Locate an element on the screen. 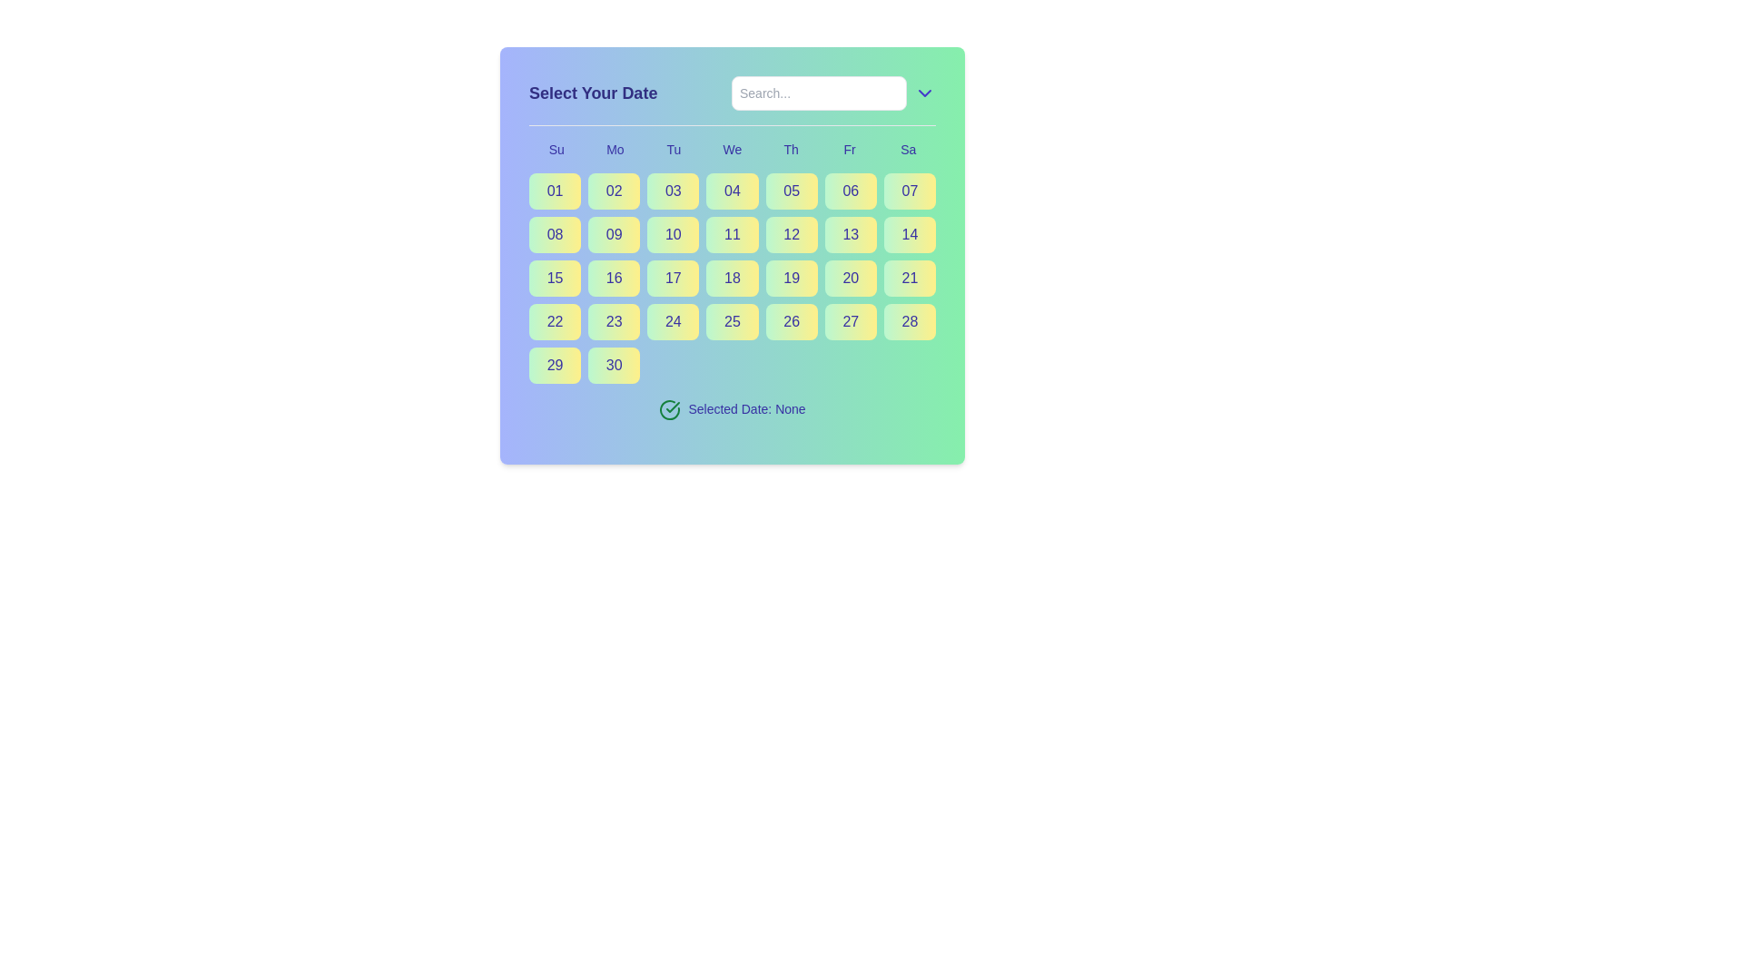 The image size is (1743, 980). the button representing the first day of the month in the date-picker interface is located at coordinates (554, 191).